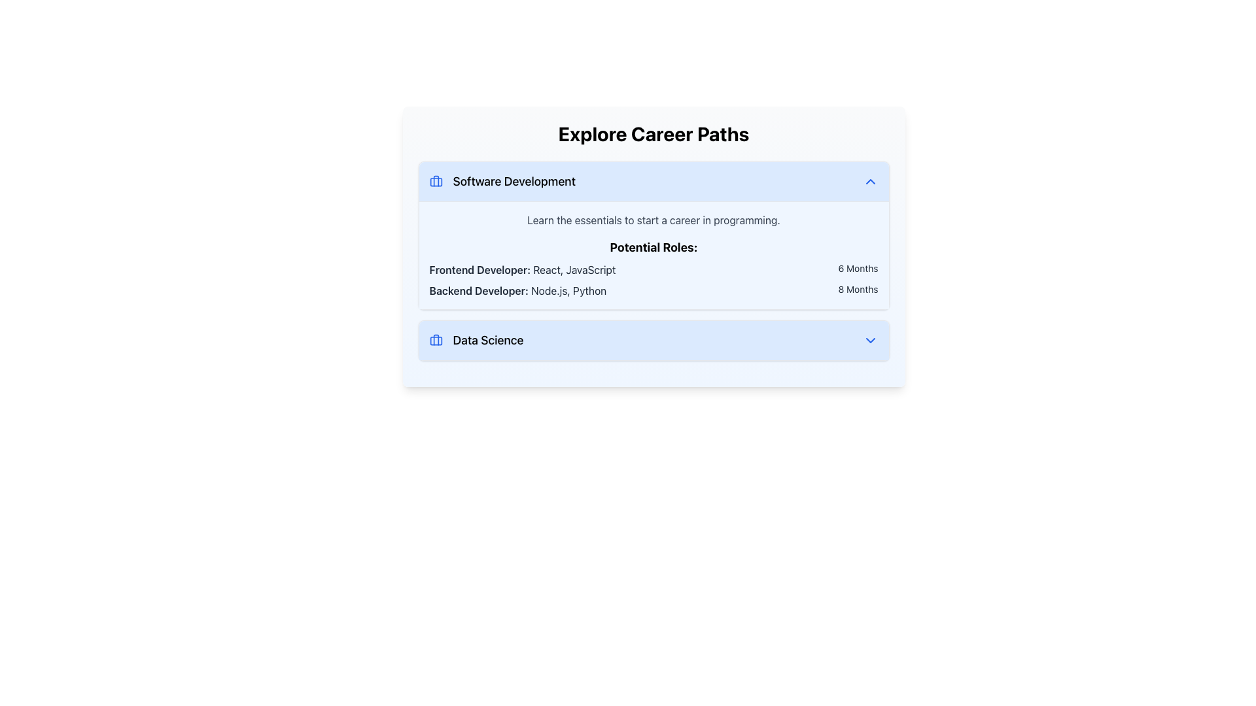 The height and width of the screenshot is (706, 1256). I want to click on informational Text Label indicating the job role 'Frontend Developer' and its relevant technologies 'React, JavaScript', located centrally within the card under the 'Potential Roles:' section, so click(521, 269).